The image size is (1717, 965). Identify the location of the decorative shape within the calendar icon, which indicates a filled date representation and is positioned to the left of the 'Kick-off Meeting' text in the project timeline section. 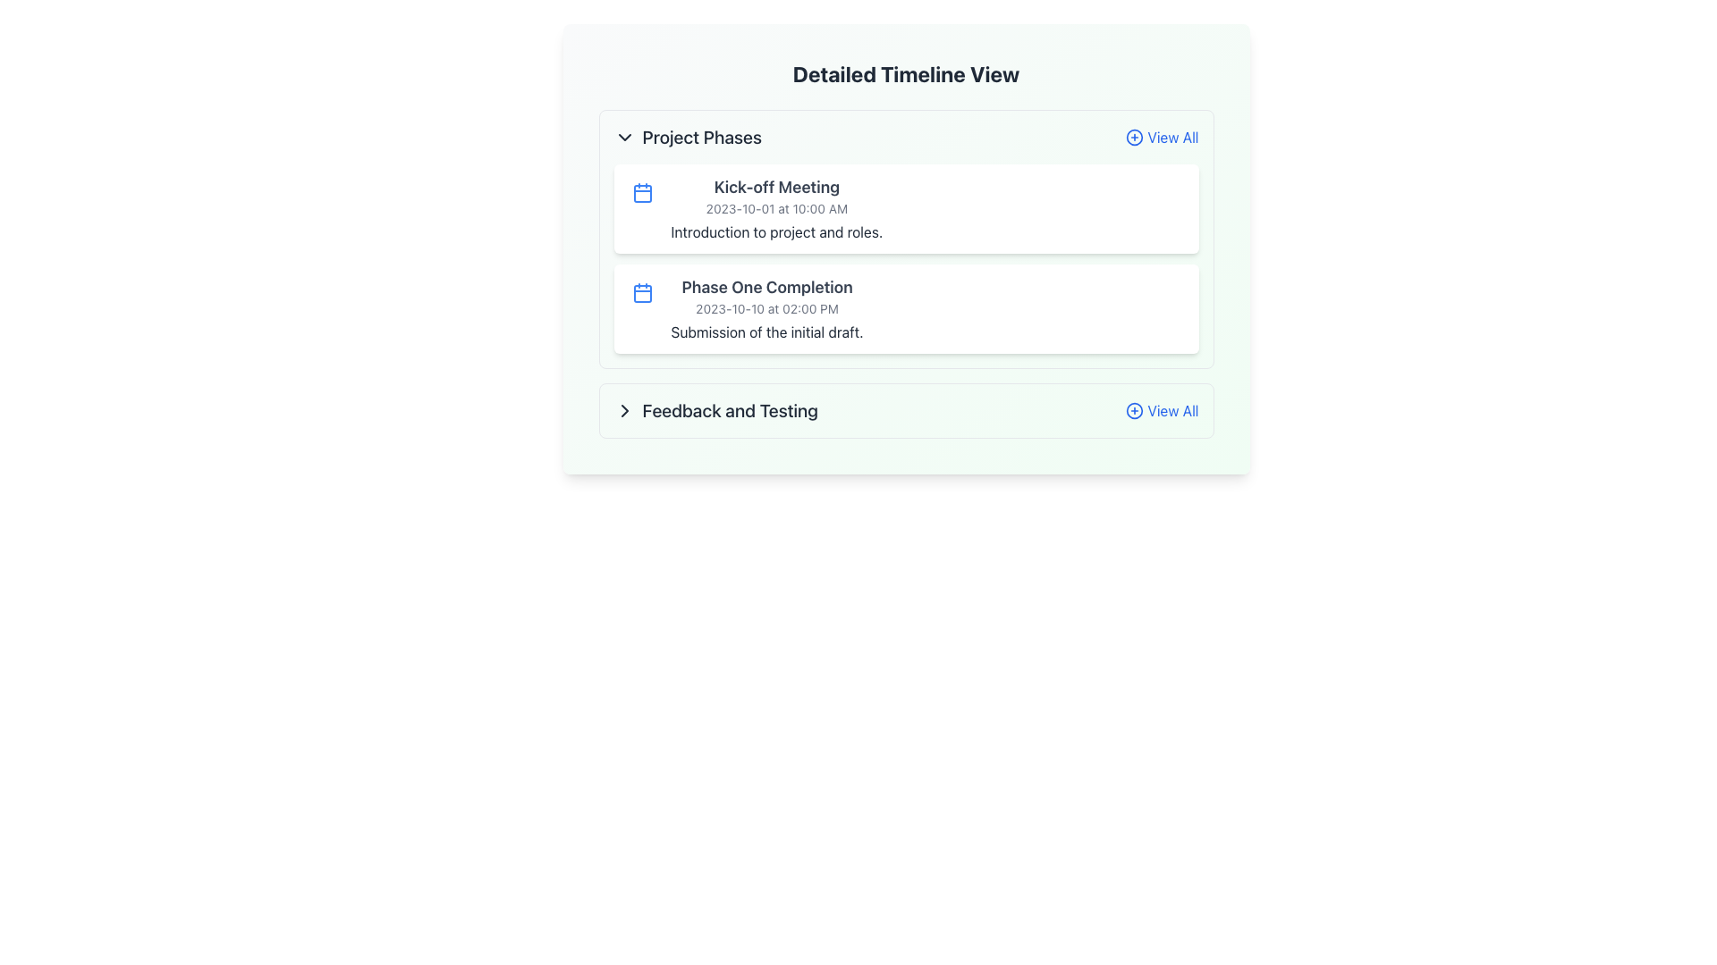
(642, 193).